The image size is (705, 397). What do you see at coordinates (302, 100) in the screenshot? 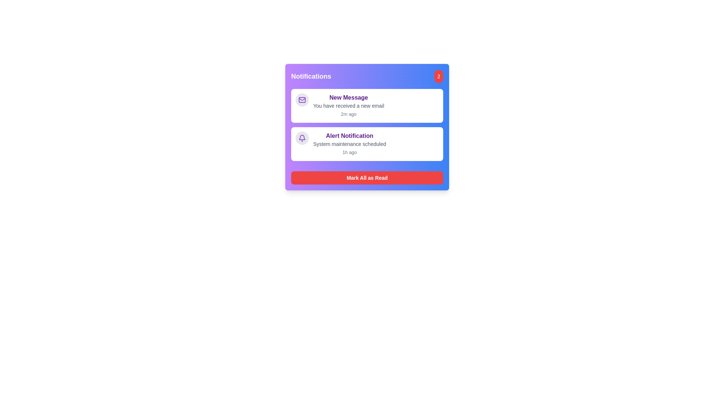
I see `the new mail notification icon located in the upper half of the notifications panel, which has a circular gray background and is positioned to the left of the 'New Message' notification entry` at bounding box center [302, 100].